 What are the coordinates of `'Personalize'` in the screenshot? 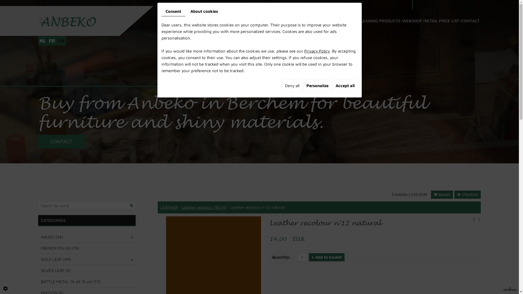 It's located at (317, 86).